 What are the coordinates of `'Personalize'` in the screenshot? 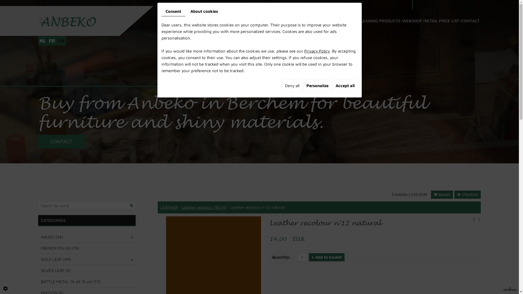 It's located at (317, 86).